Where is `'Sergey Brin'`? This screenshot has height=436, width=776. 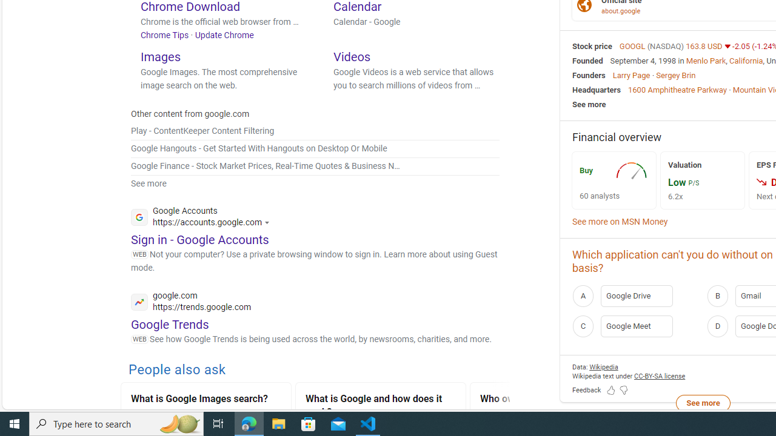 'Sergey Brin' is located at coordinates (675, 74).